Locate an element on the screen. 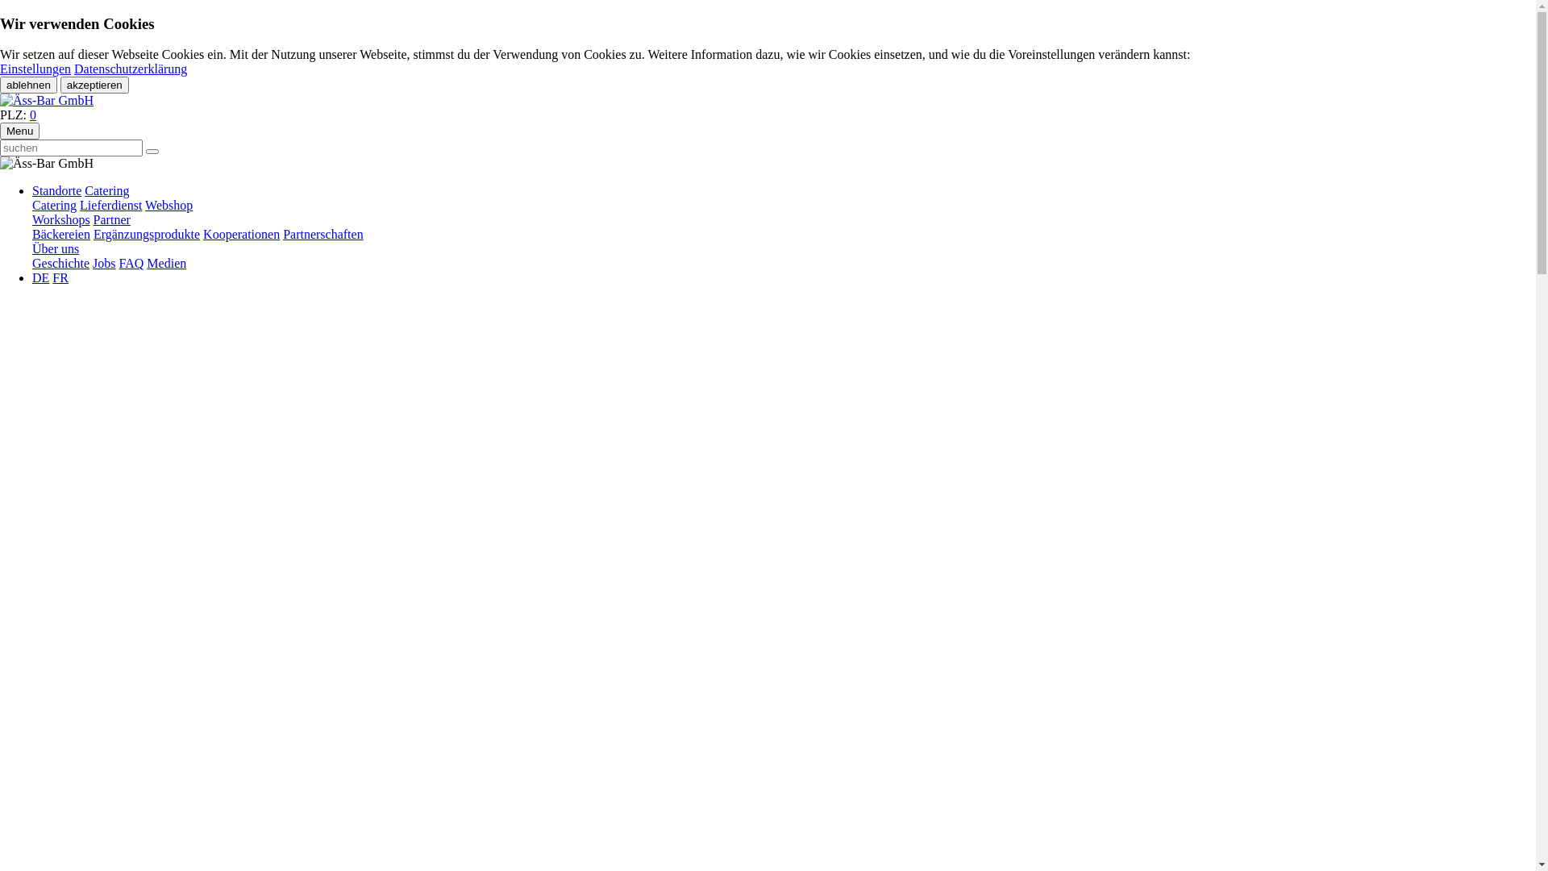 Image resolution: width=1548 pixels, height=871 pixels. 'FAQ' is located at coordinates (131, 262).